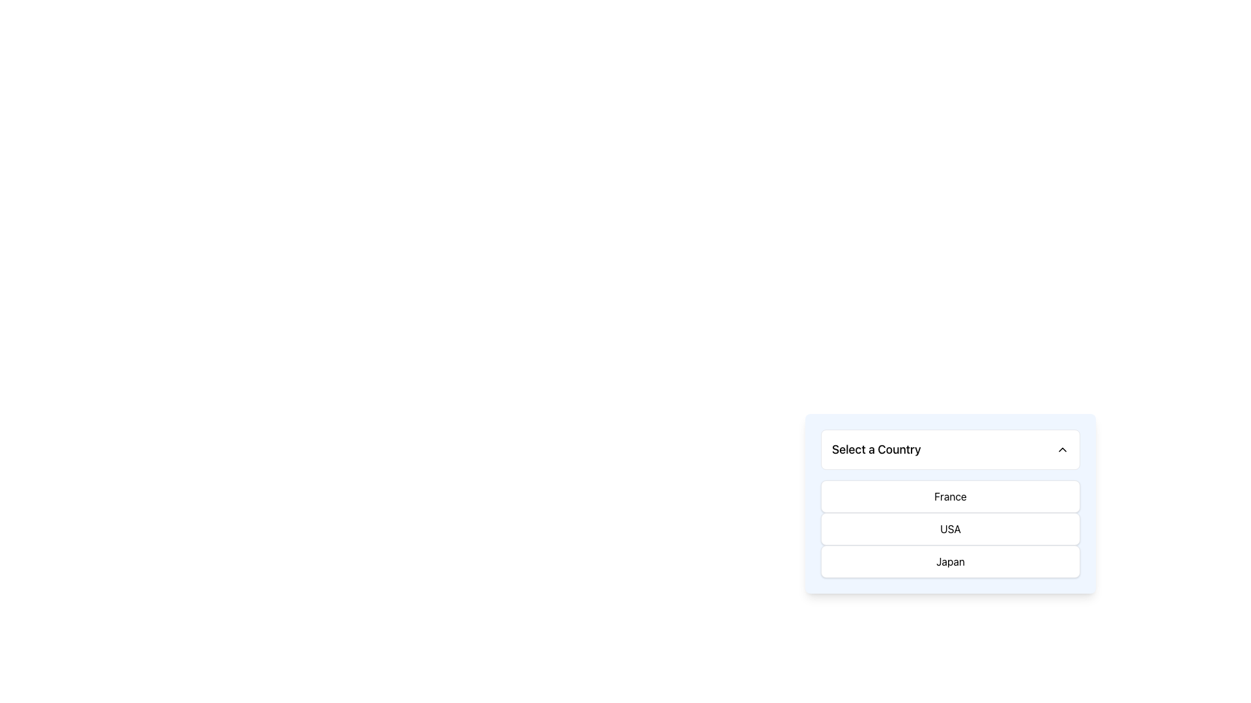 The height and width of the screenshot is (703, 1251). Describe the element at coordinates (951, 561) in the screenshot. I see `the 'Japan' option text within the dropdown menu` at that location.